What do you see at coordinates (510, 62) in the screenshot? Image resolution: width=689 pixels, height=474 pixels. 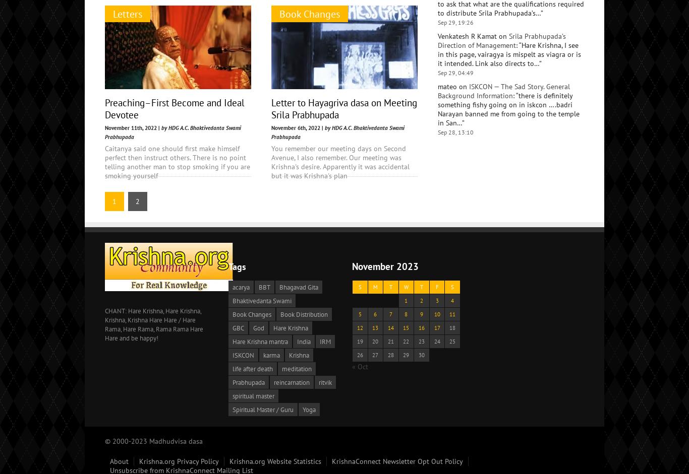 I see `'Anyone can distribute Srila Prabhupada’s books. When we are distributing Prabhupada’s books we are just trying to convince the person…'` at bounding box center [510, 62].